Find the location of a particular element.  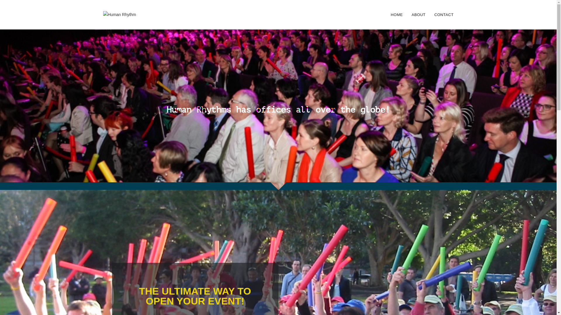

'ABOUT' is located at coordinates (418, 14).